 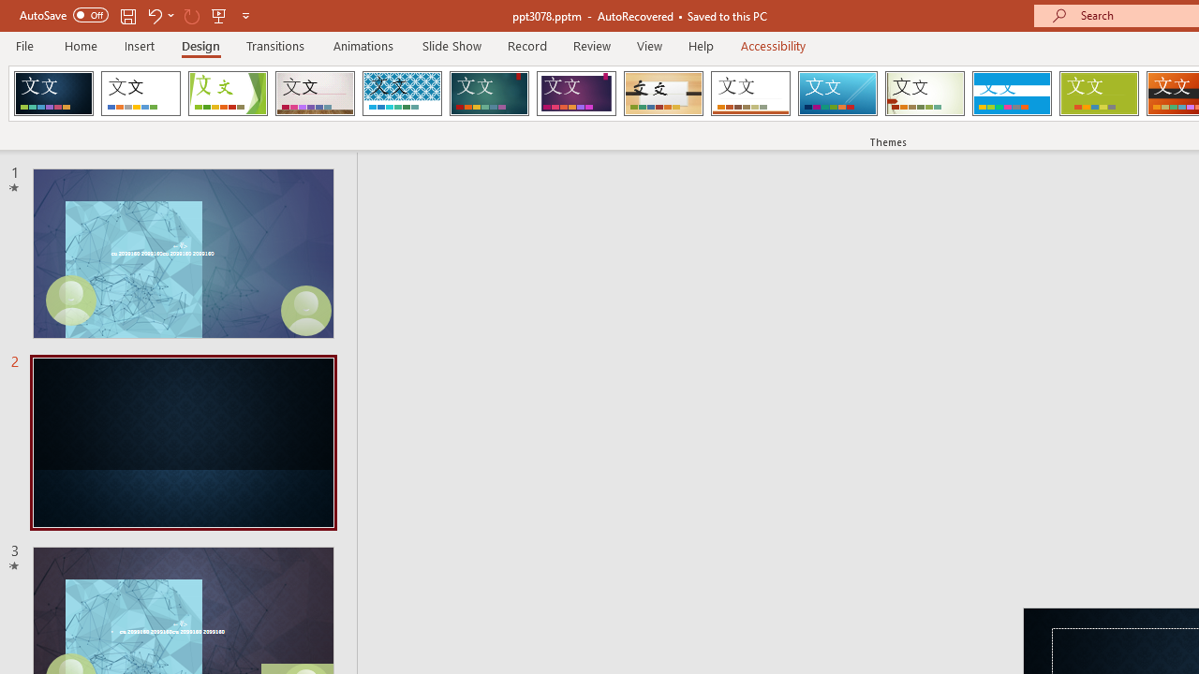 I want to click on 'Organic', so click(x=663, y=94).